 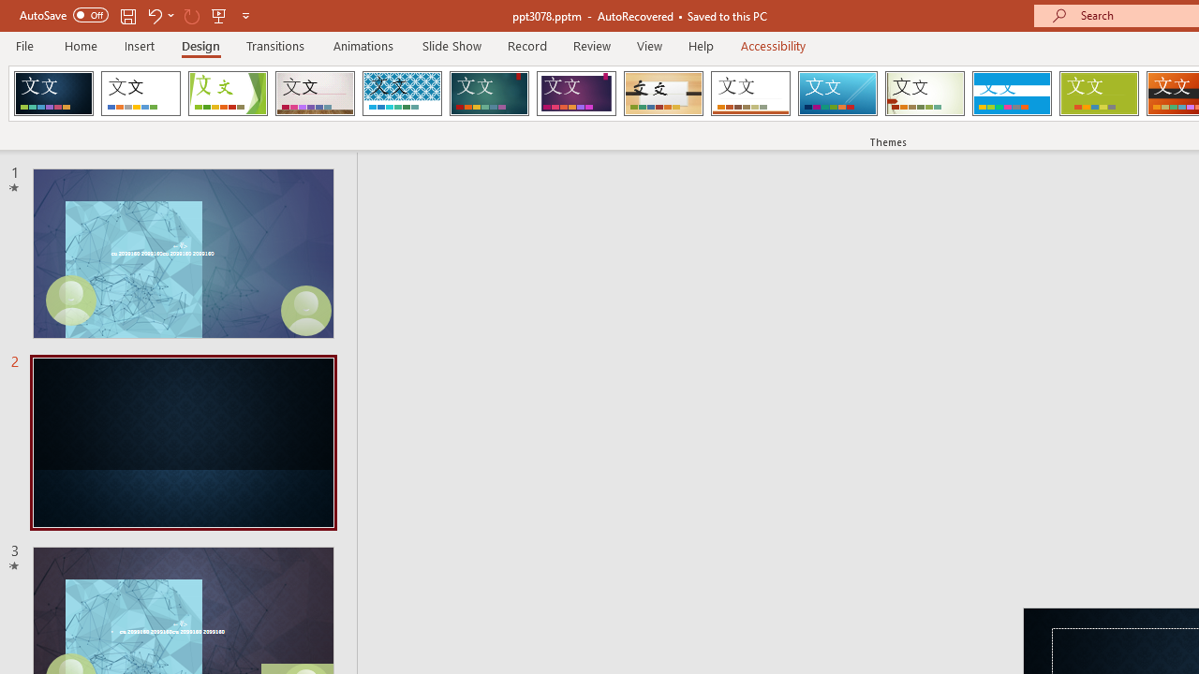 I want to click on 'Organic', so click(x=663, y=94).